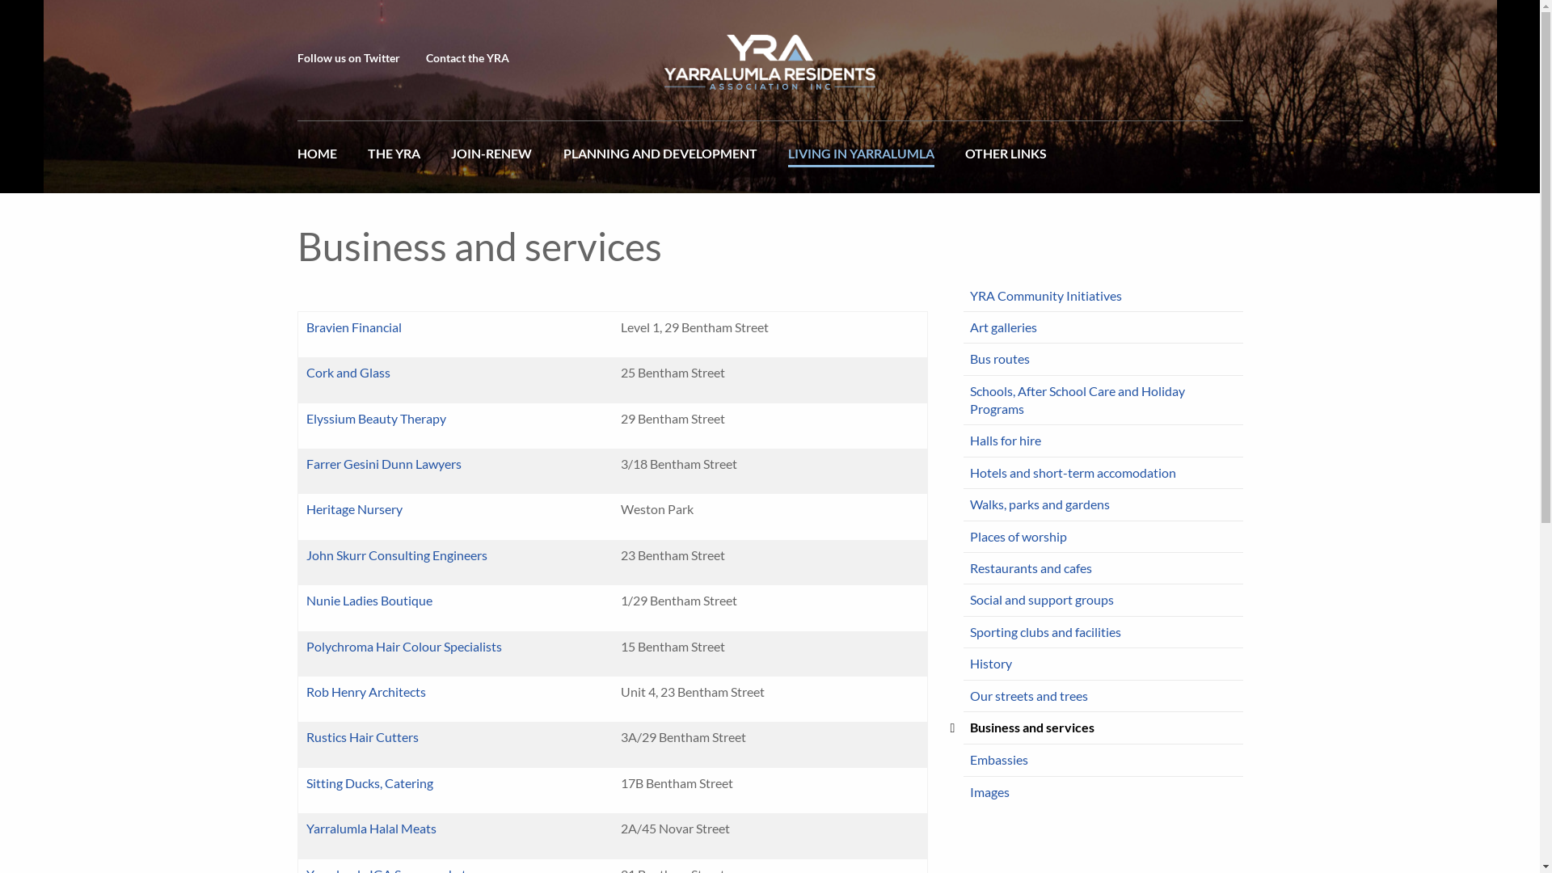  Describe the element at coordinates (660, 157) in the screenshot. I see `'PLANNING AND DEVELOPMENT'` at that location.